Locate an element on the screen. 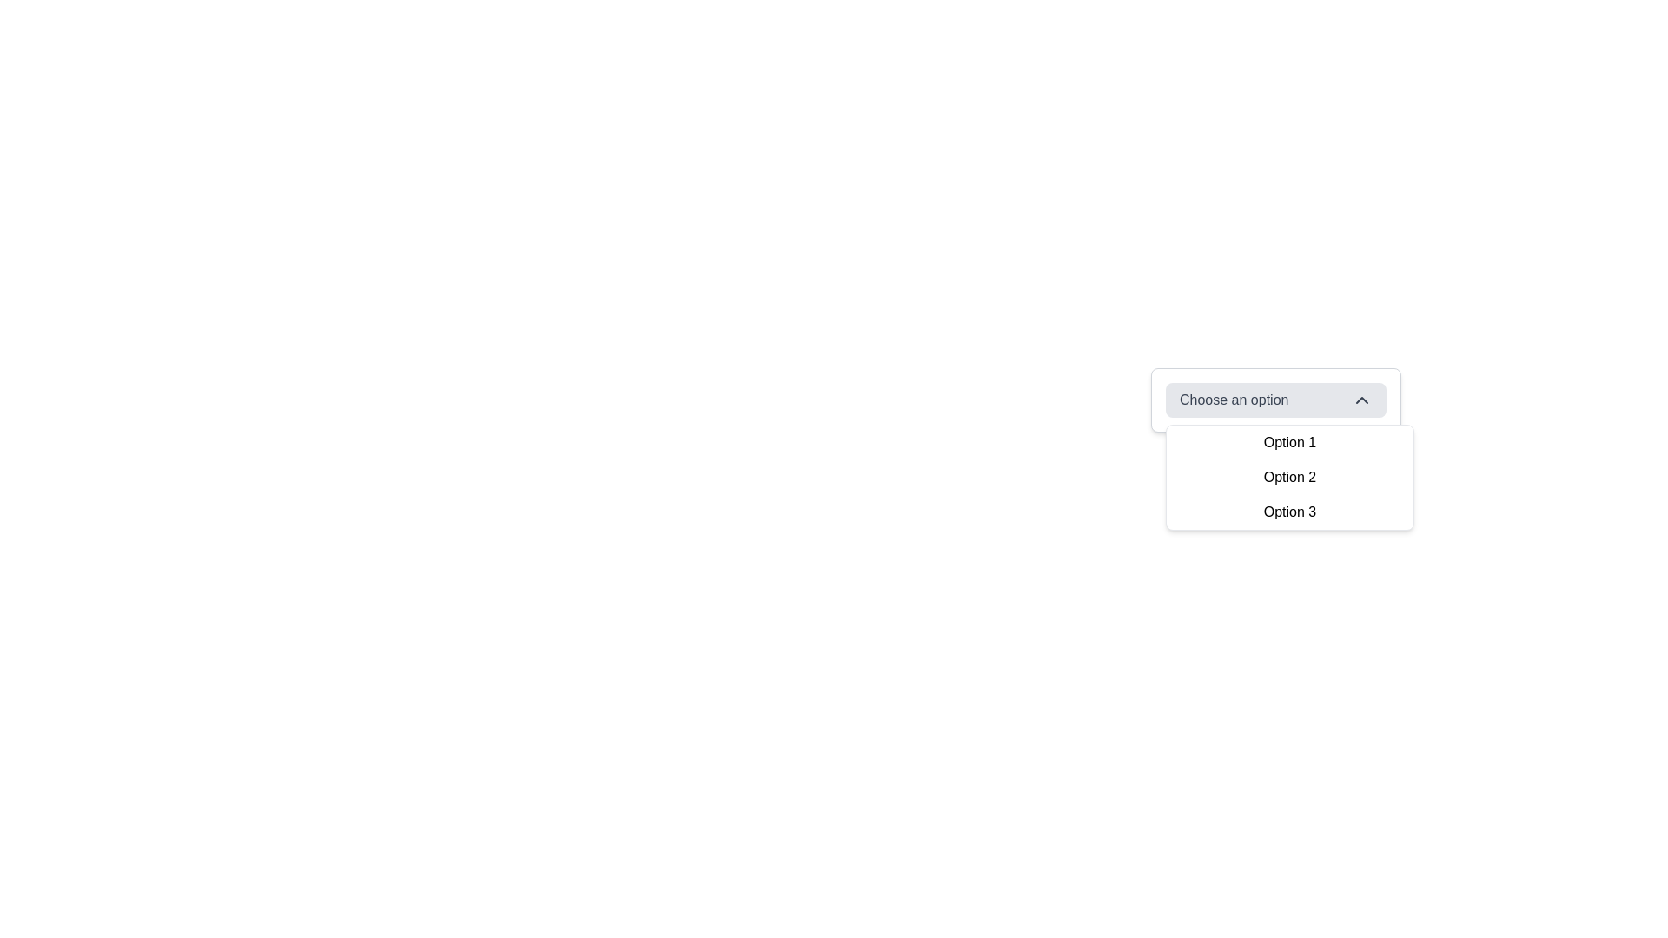 Image resolution: width=1668 pixels, height=938 pixels. the text label reading 'Choose an option' within the dropdown menu, which is styled in bold and compact font, aligned to the left of the chevron icon is located at coordinates (1233, 400).